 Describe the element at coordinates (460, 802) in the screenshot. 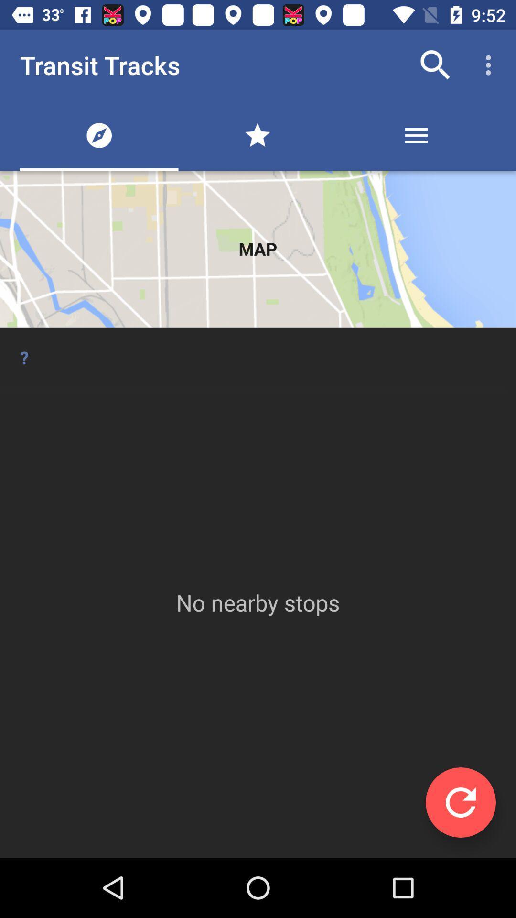

I see `refresh map` at that location.